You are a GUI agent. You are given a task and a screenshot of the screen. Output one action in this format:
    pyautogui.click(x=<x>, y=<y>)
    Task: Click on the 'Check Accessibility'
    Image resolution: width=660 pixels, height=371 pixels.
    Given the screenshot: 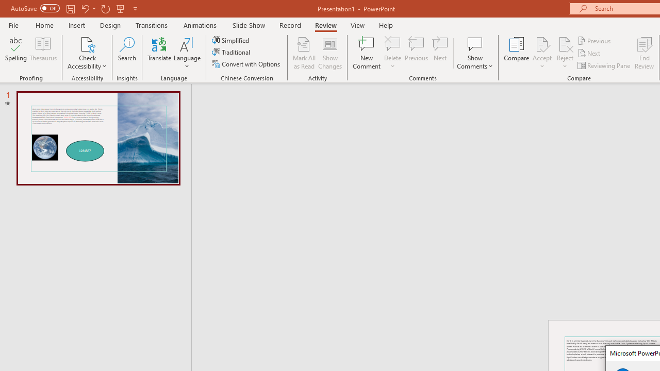 What is the action you would take?
    pyautogui.click(x=87, y=43)
    